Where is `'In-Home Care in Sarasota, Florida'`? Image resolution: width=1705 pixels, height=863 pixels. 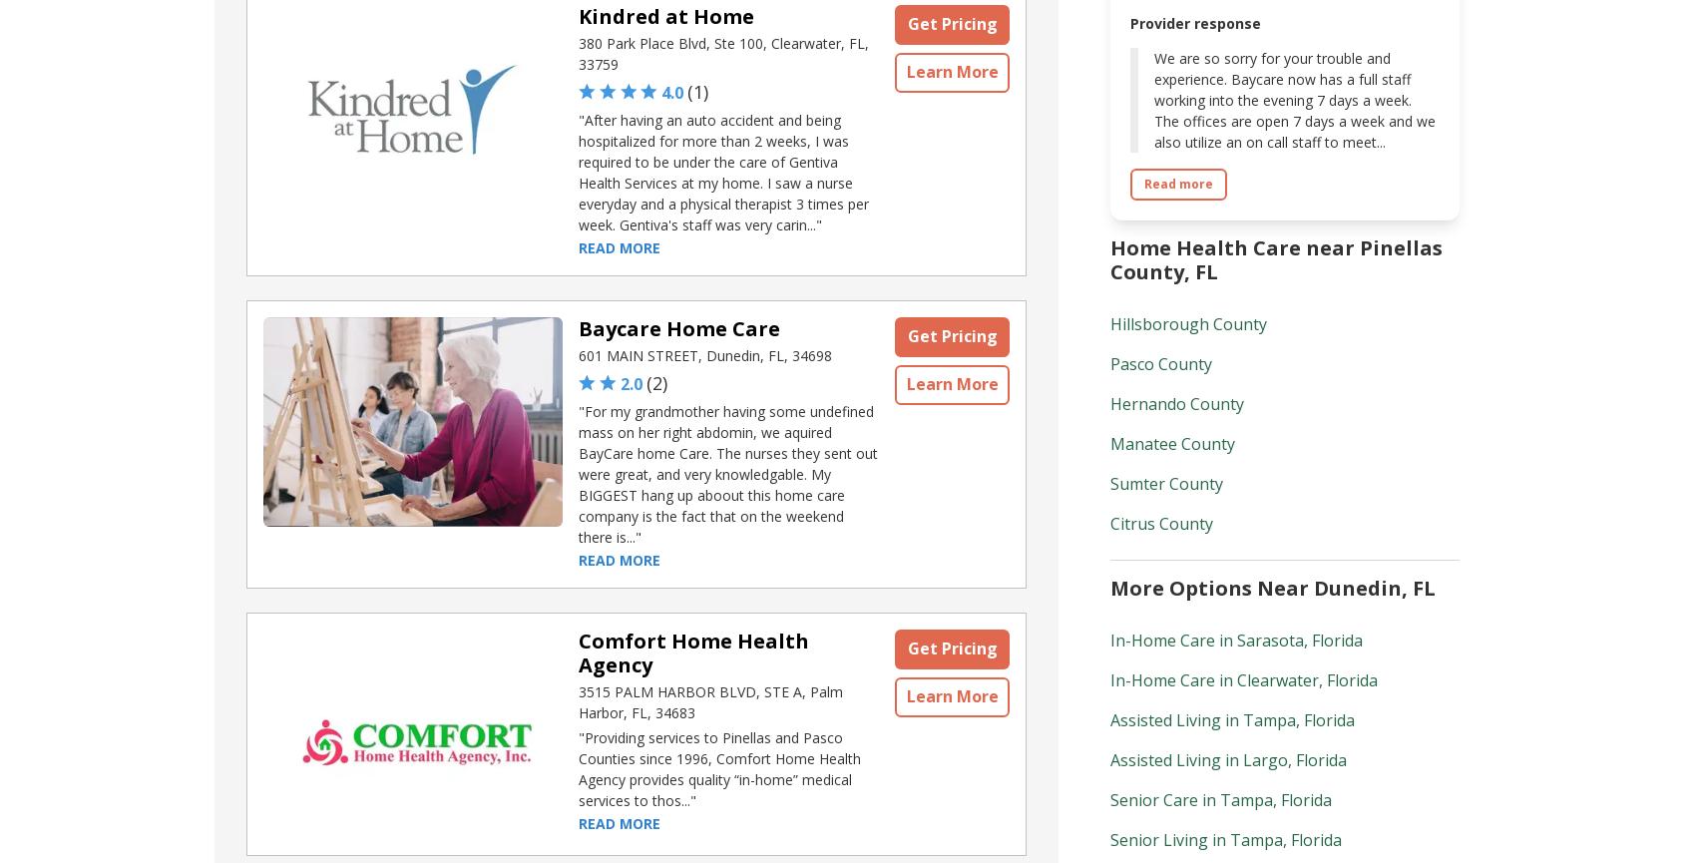 'In-Home Care in Sarasota, Florida' is located at coordinates (1236, 641).